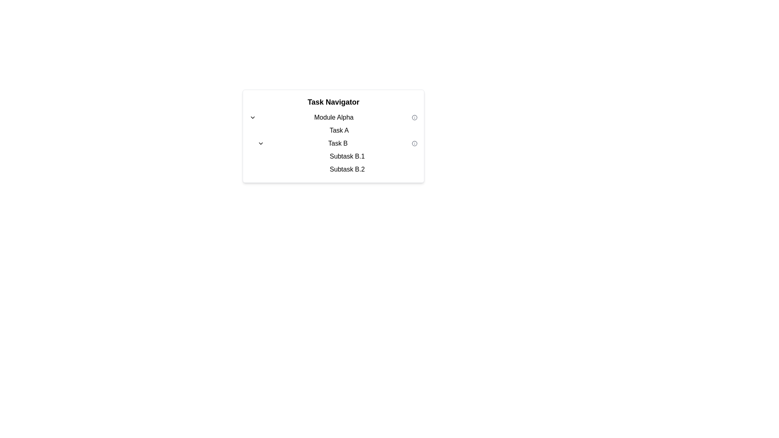 The width and height of the screenshot is (779, 438). I want to click on the circular element styled as part of an SVG graphic, positioned in the upper-right corner of the 'Task Navigator' panel, near the text 'Module Alpha', so click(415, 117).